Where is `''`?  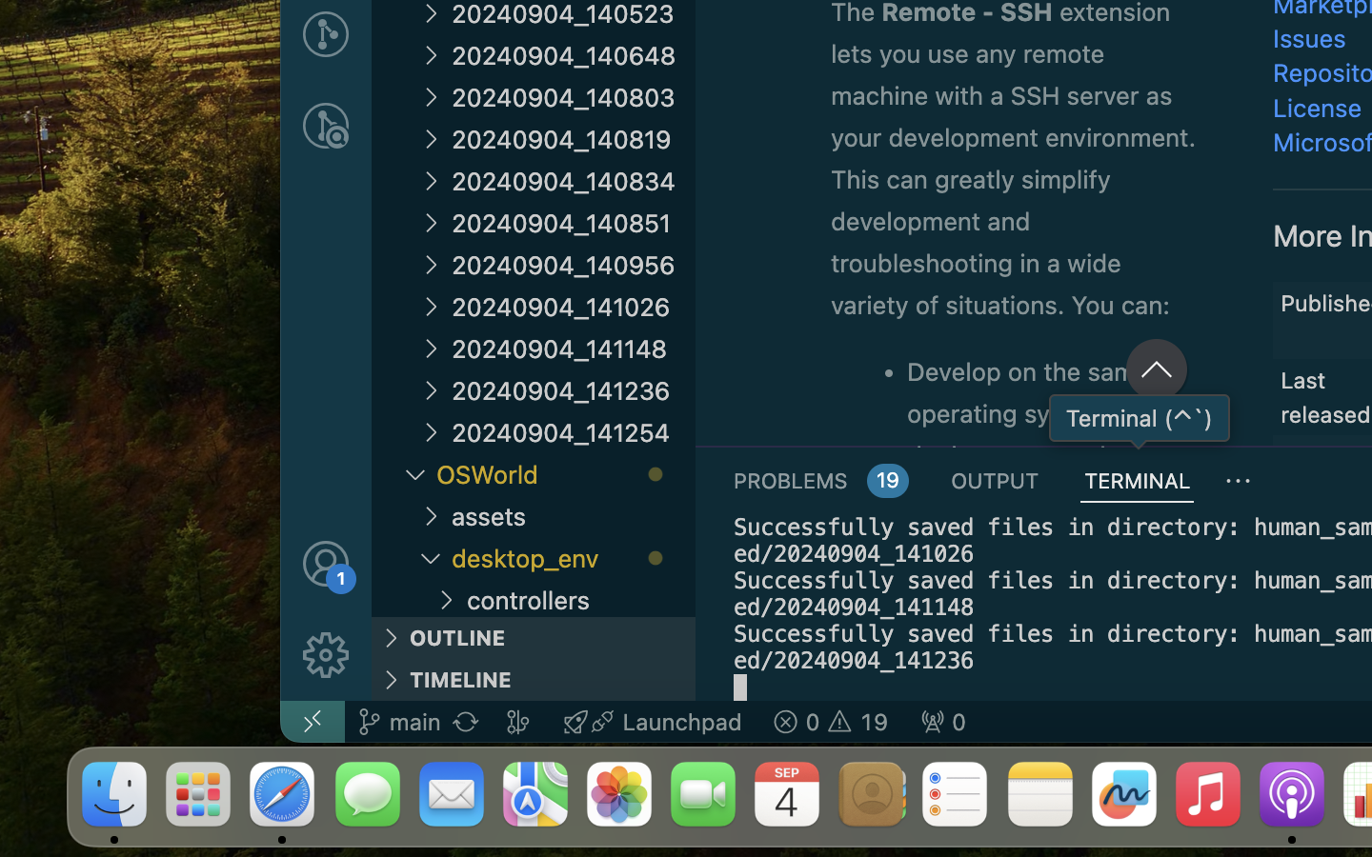
'' is located at coordinates (1239, 480).